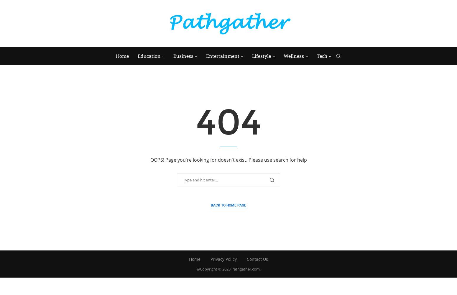 This screenshot has width=457, height=295. I want to click on 'Privacy Policy', so click(223, 259).